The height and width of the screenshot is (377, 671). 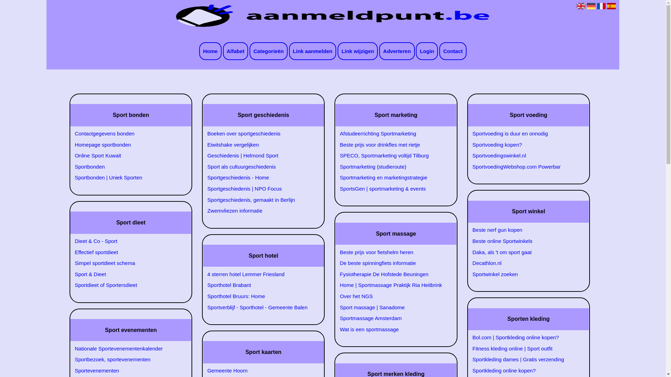 What do you see at coordinates (392, 285) in the screenshot?
I see `'Home | Sportmassage Praktijk Ria Heitbrink'` at bounding box center [392, 285].